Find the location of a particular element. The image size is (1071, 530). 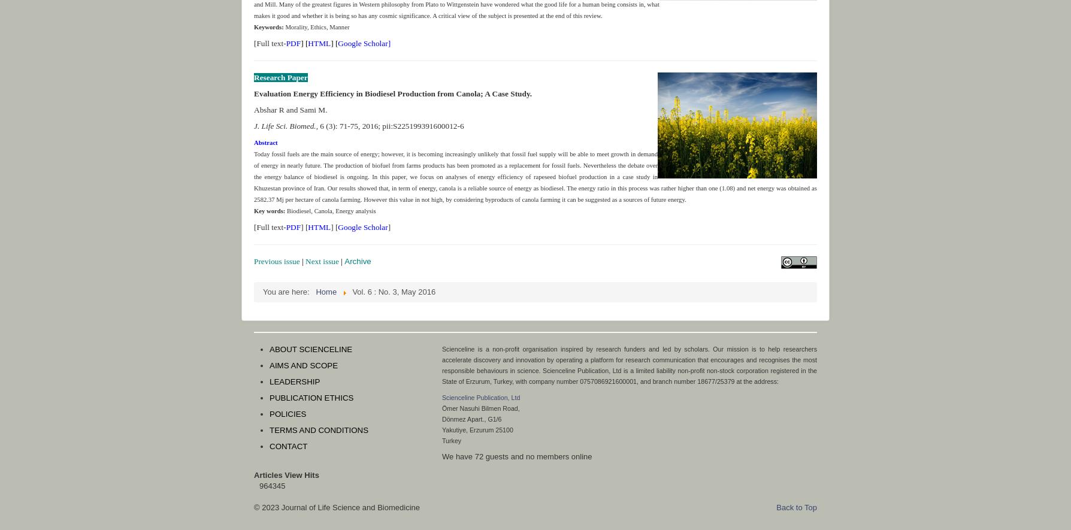

'Next issue' is located at coordinates (322, 261).